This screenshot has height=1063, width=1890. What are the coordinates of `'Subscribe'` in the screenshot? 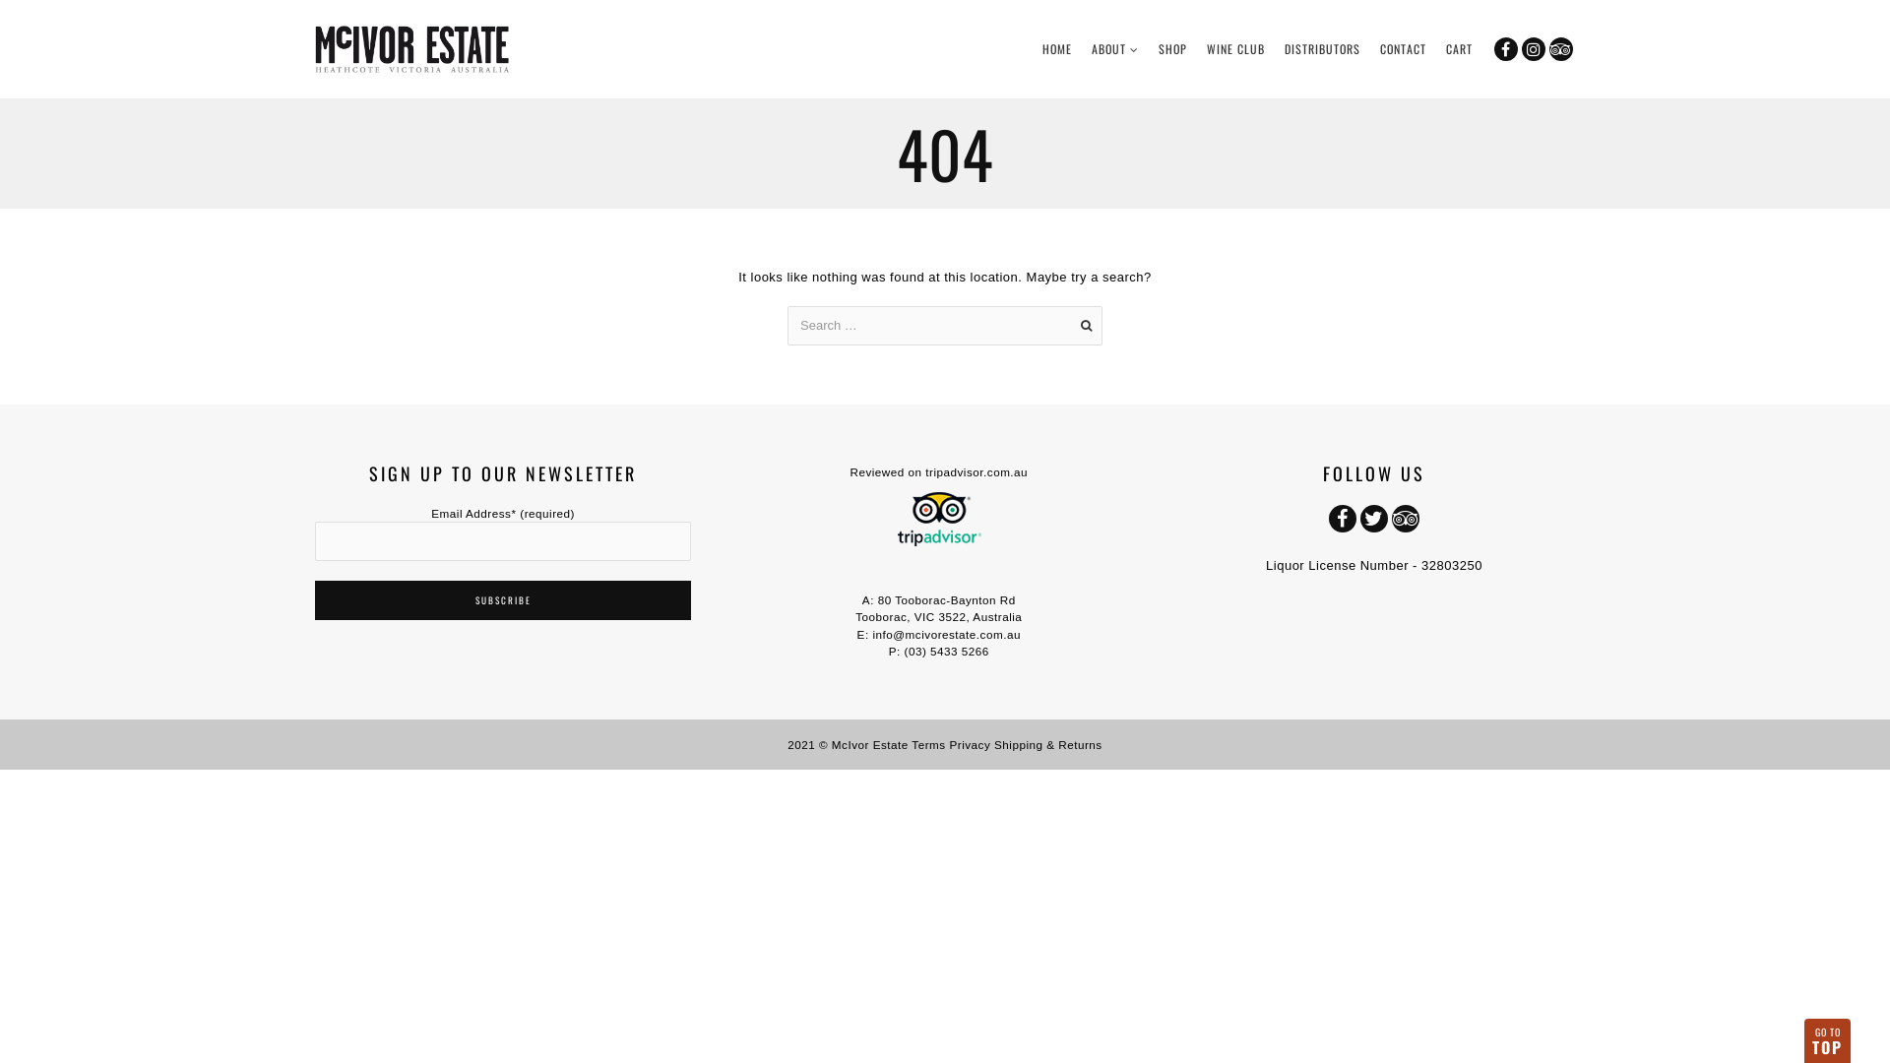 It's located at (502, 598).